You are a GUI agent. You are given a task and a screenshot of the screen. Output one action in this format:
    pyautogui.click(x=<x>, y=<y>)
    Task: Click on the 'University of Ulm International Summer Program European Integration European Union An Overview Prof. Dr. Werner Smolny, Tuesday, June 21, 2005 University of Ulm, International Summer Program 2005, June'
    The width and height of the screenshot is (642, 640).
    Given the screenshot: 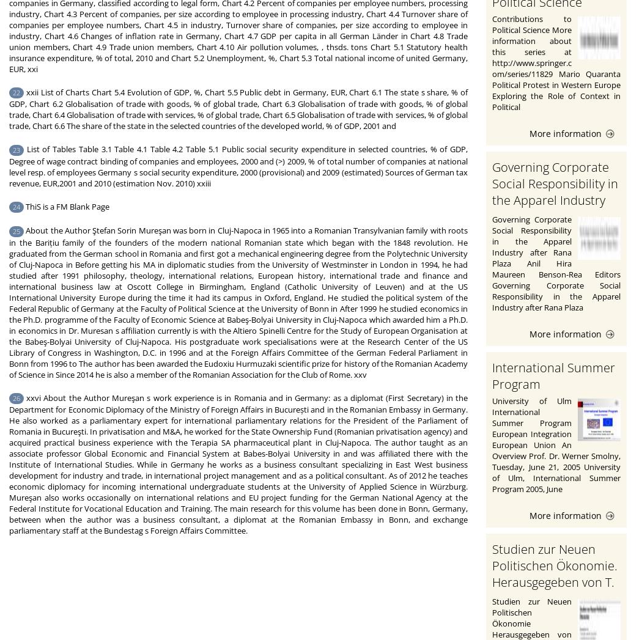 What is the action you would take?
    pyautogui.click(x=556, y=444)
    